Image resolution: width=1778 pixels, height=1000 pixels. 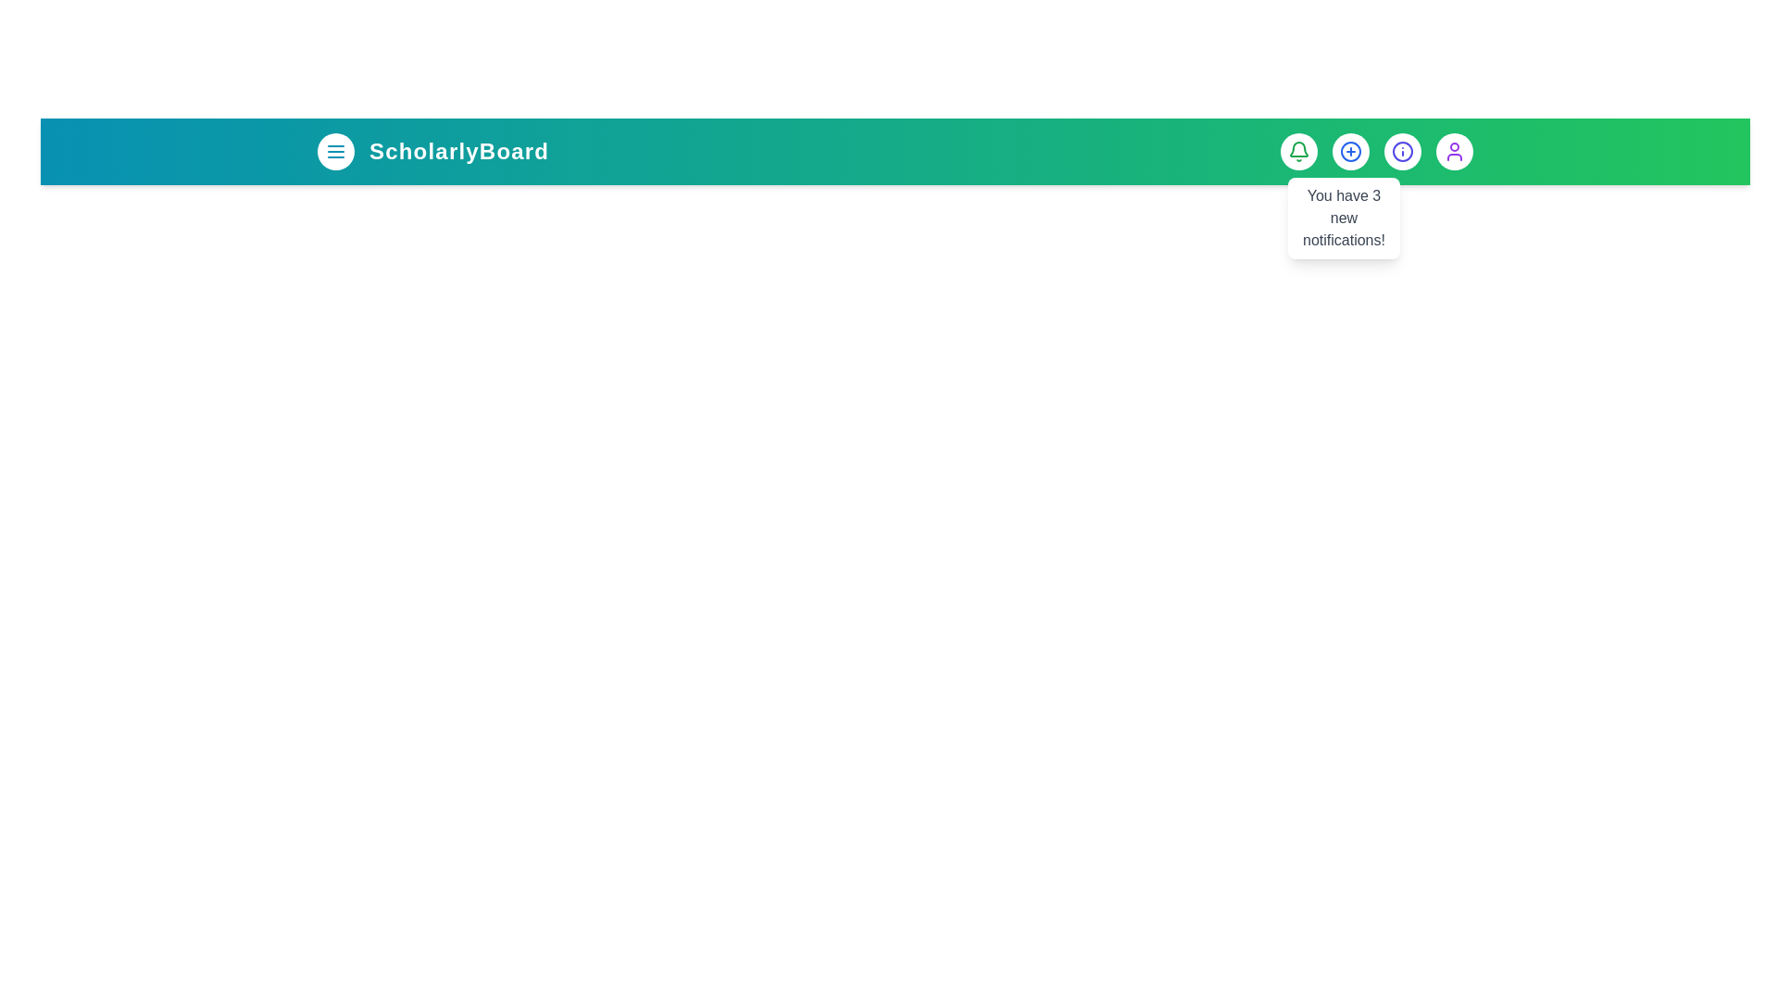 What do you see at coordinates (1453, 151) in the screenshot?
I see `the user profile button` at bounding box center [1453, 151].